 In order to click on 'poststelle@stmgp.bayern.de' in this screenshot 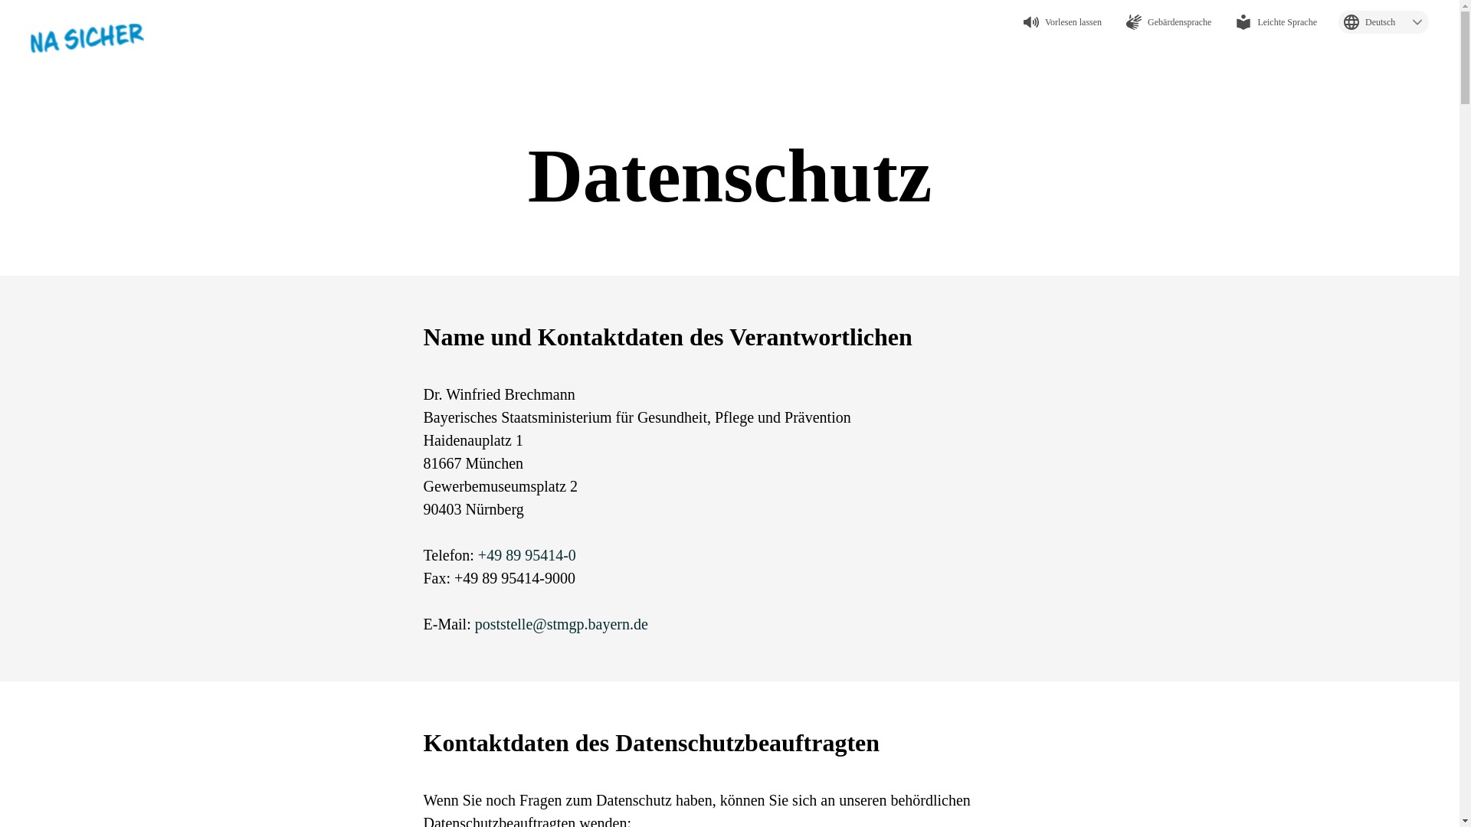, I will do `click(561, 623)`.